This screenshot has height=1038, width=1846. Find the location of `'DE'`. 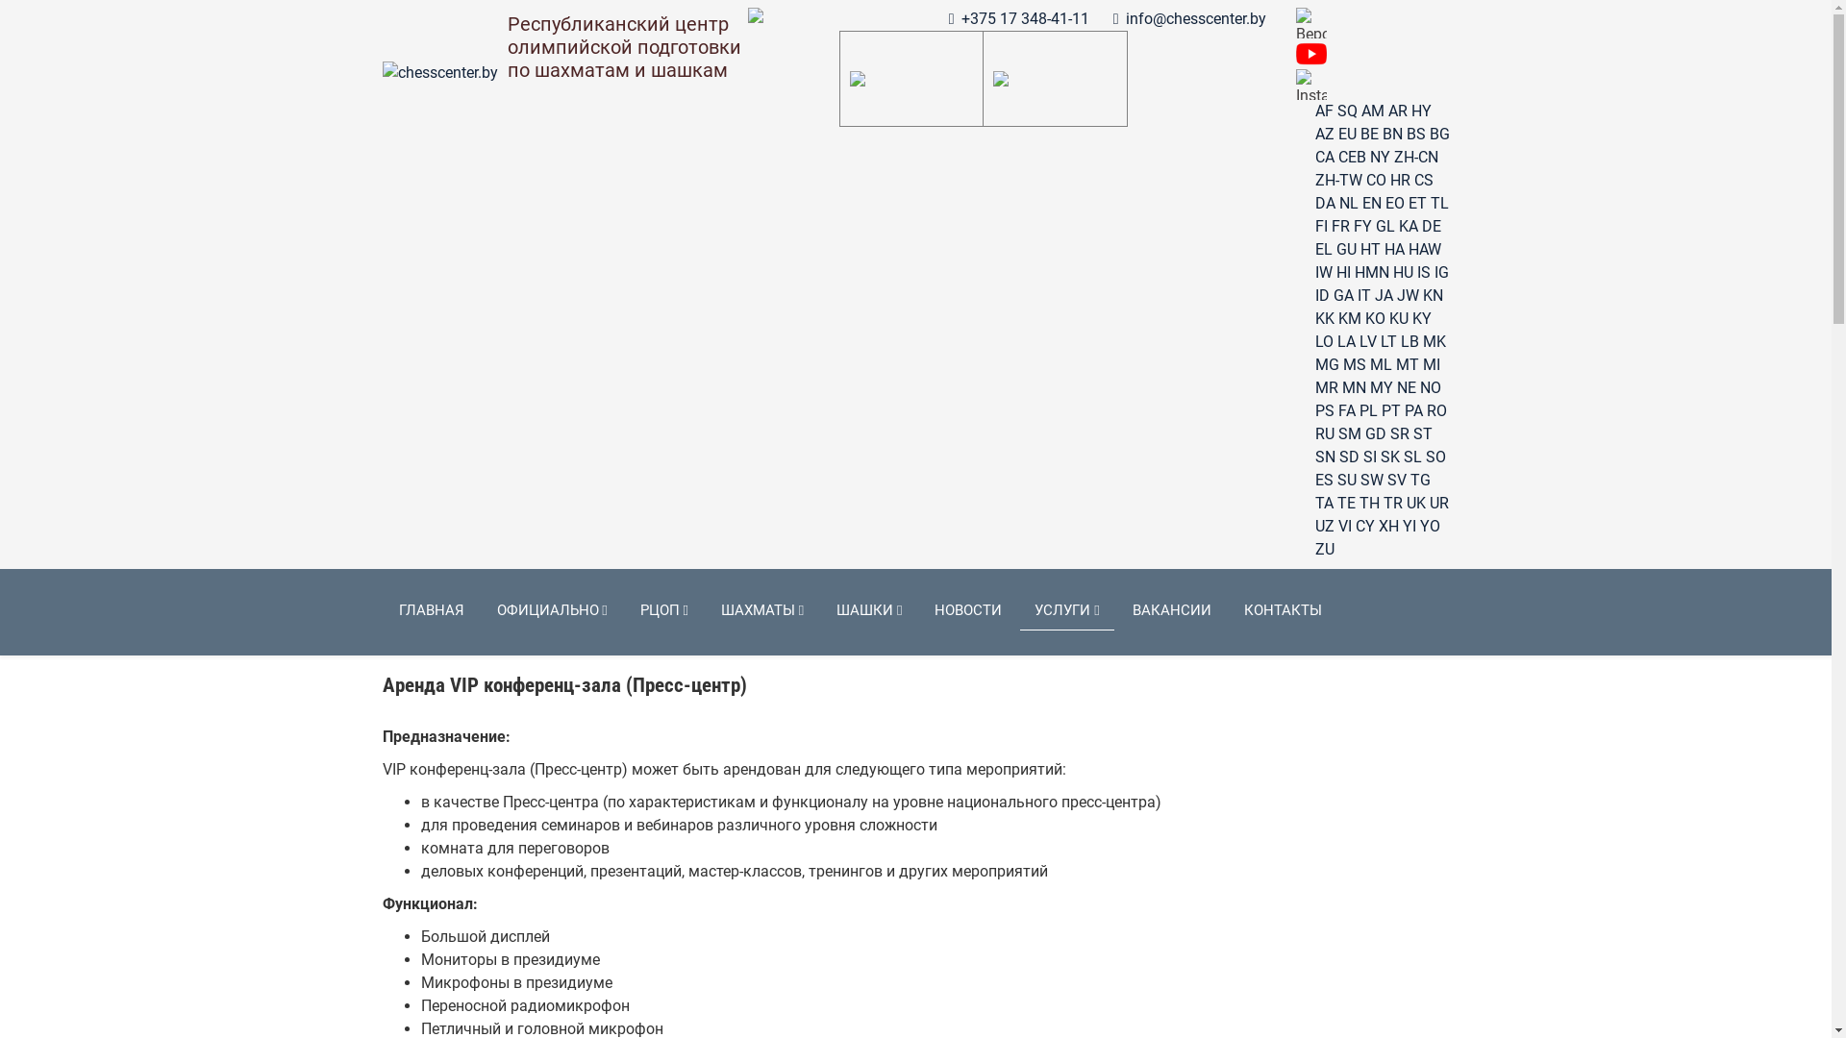

'DE' is located at coordinates (1431, 225).